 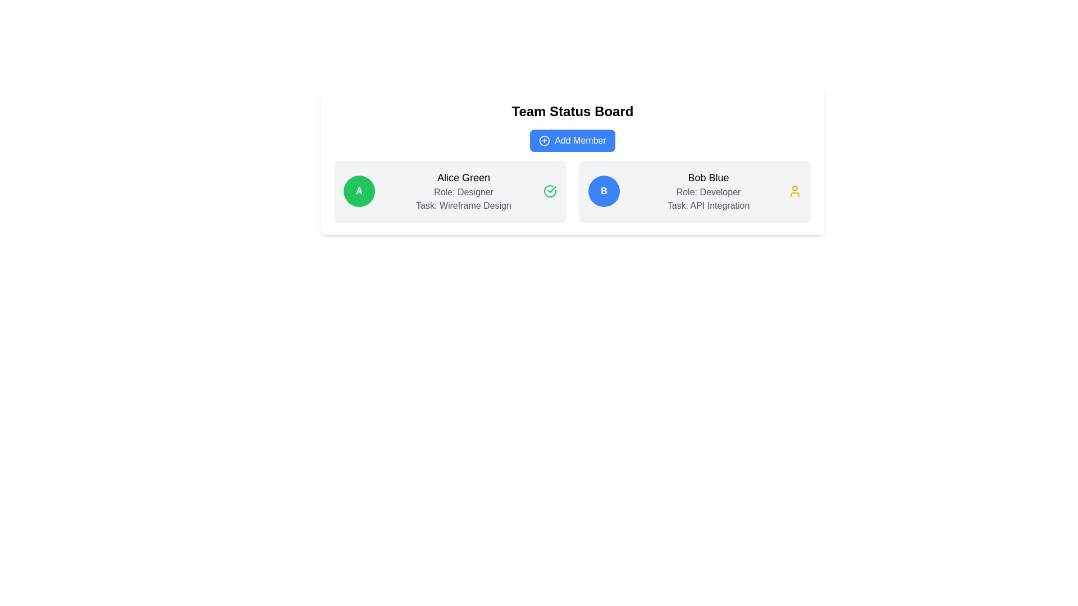 I want to click on the informational text element that displays 'Task: Wireframe Design', which is styled in gray and located beneath the name 'Alice Green' and the role 'Designer', so click(x=463, y=205).